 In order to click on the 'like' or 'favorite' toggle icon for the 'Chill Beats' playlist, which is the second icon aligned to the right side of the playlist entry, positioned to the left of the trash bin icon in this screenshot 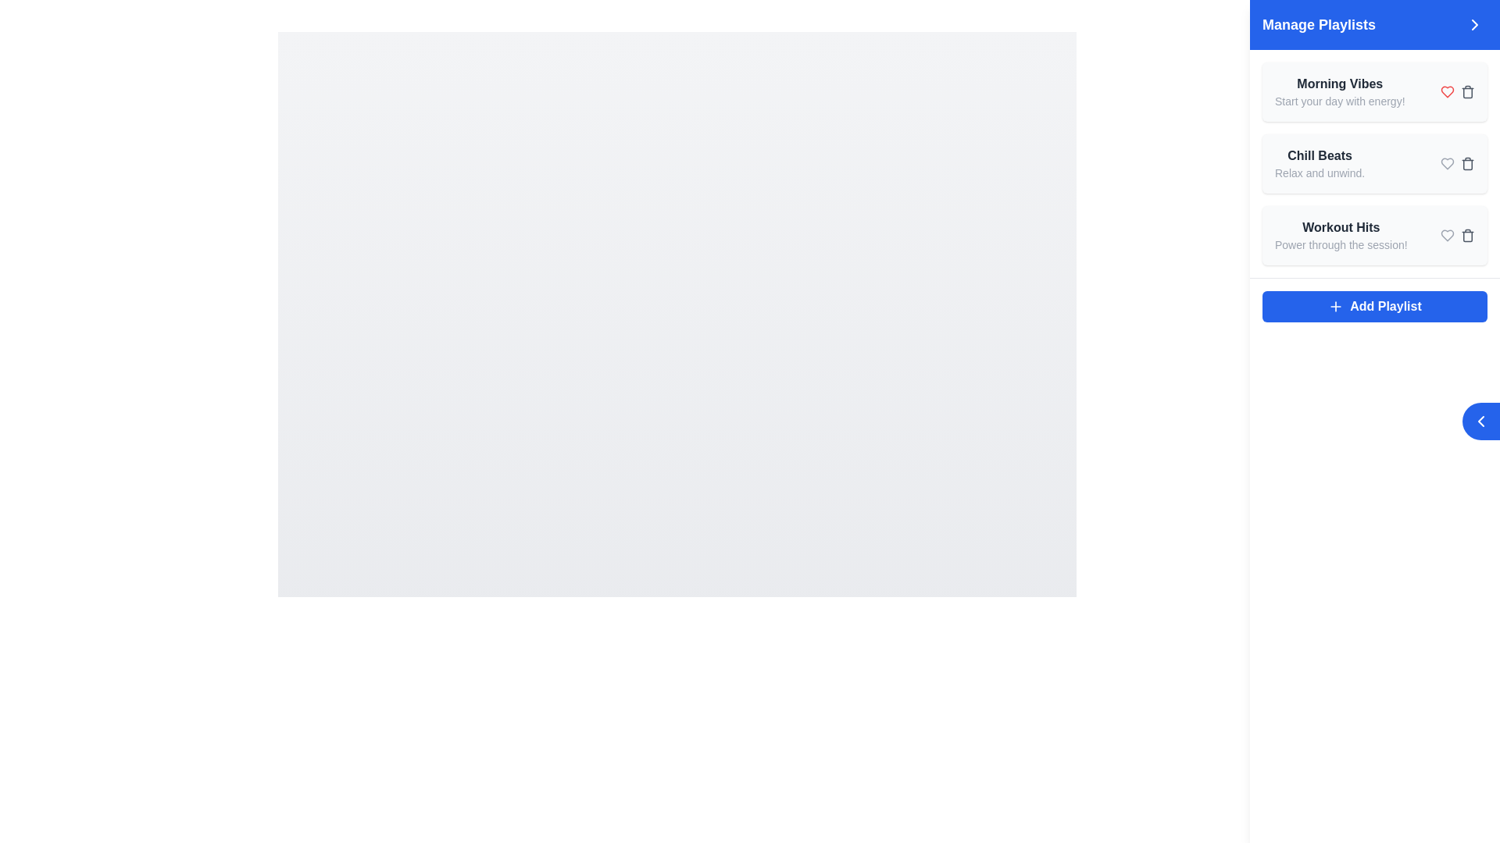, I will do `click(1446, 163)`.